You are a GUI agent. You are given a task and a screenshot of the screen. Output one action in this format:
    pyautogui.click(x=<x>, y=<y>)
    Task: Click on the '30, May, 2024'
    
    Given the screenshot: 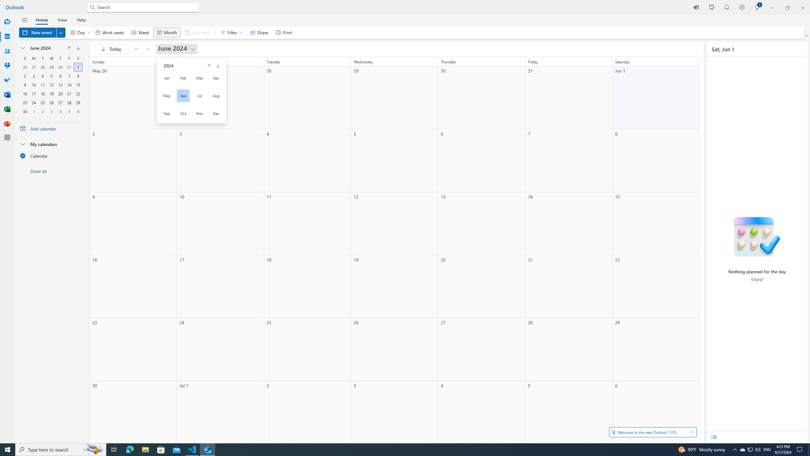 What is the action you would take?
    pyautogui.click(x=60, y=66)
    